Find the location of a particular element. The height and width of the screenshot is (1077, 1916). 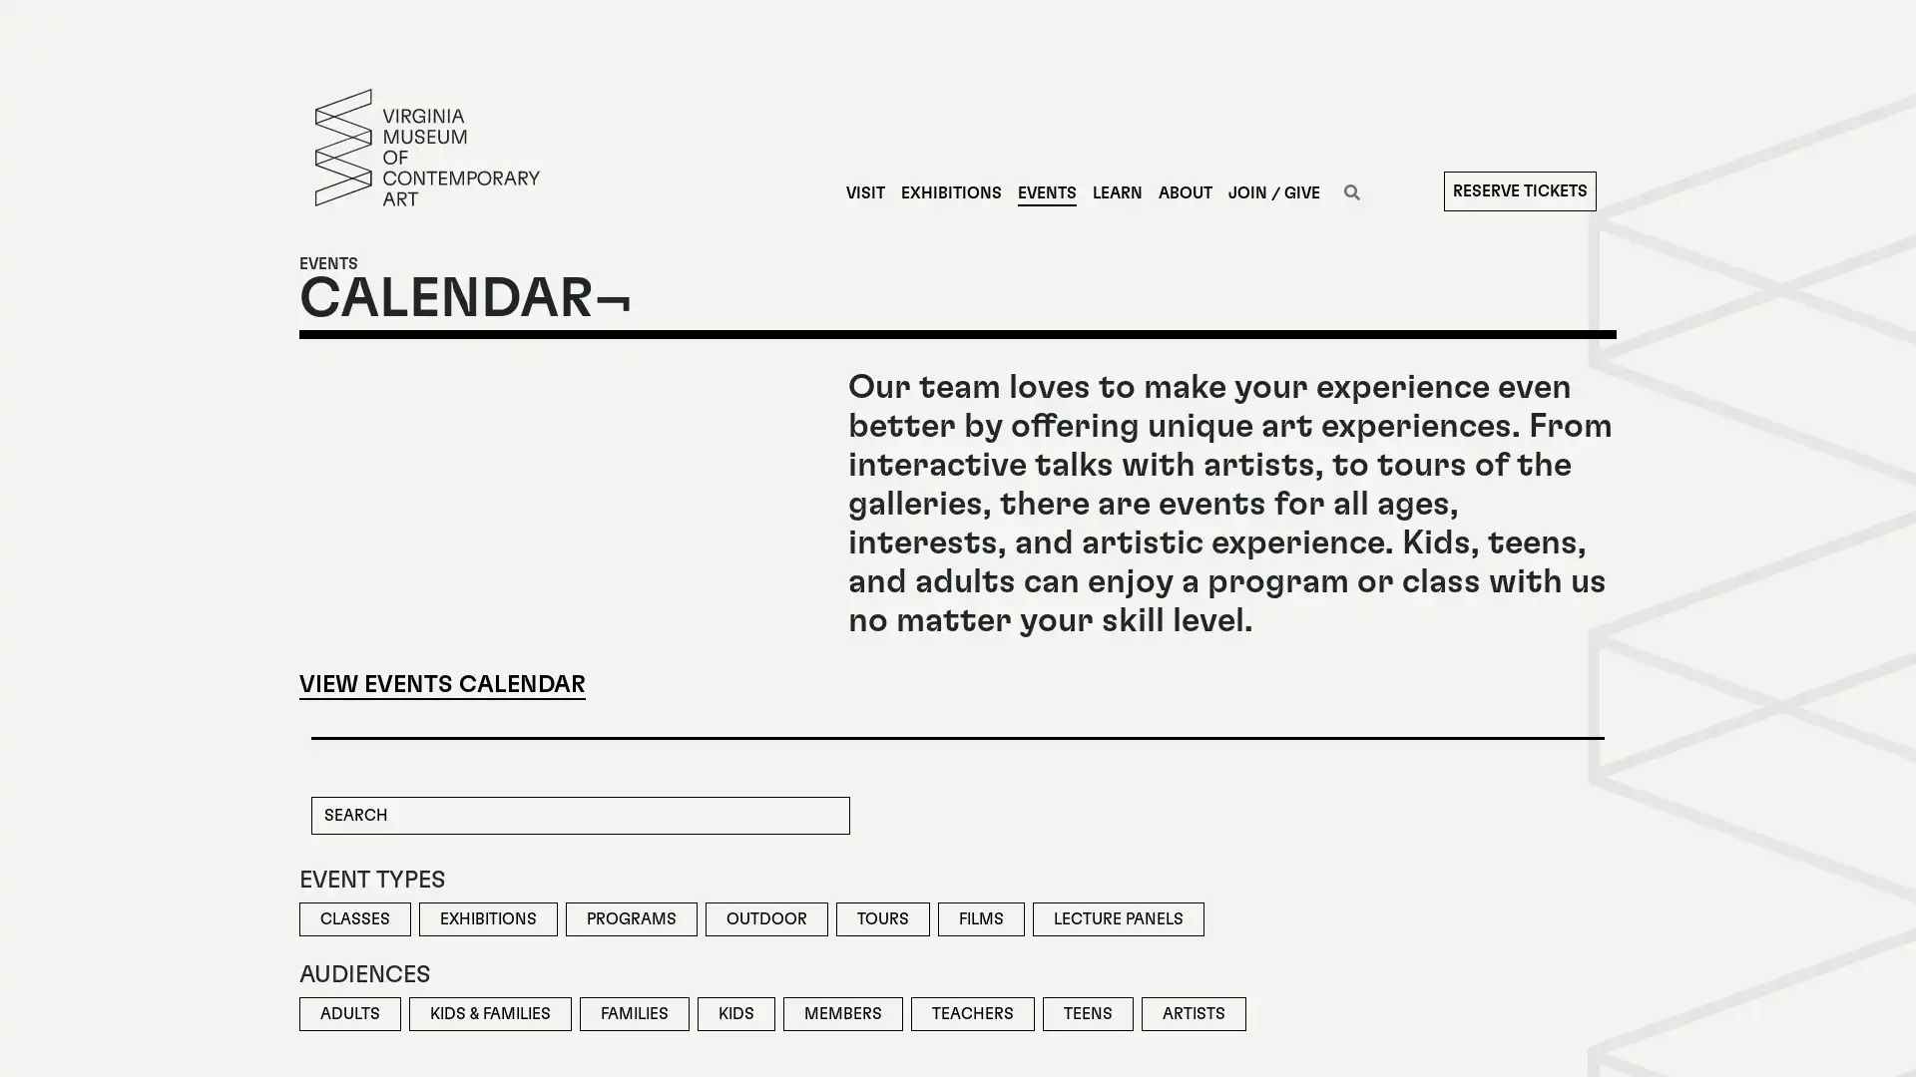

LEARN is located at coordinates (1115, 192).